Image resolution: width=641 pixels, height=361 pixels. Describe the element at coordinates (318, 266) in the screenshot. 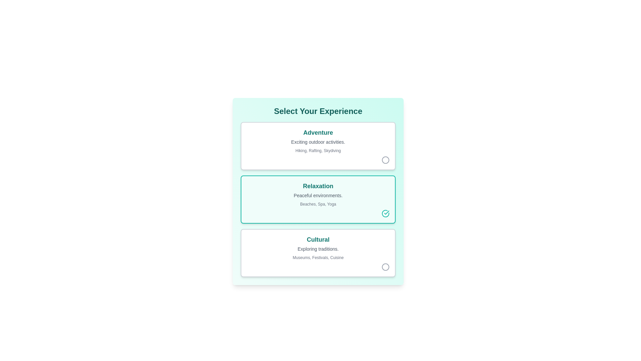

I see `the Selection Indicator located at the bottom of the 'Cultural' card, which is associated with the descriptions 'Exploring traditions.' and 'Museums, Festivals, Cuisine'` at that location.